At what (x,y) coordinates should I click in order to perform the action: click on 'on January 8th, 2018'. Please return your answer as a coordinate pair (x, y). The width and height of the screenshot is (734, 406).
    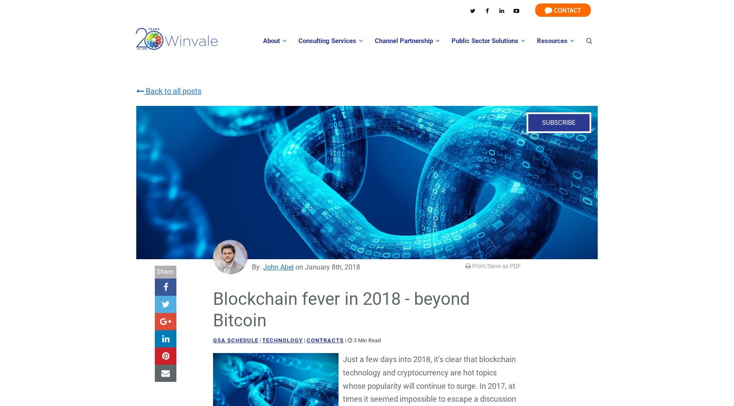
    Looking at the image, I should click on (326, 267).